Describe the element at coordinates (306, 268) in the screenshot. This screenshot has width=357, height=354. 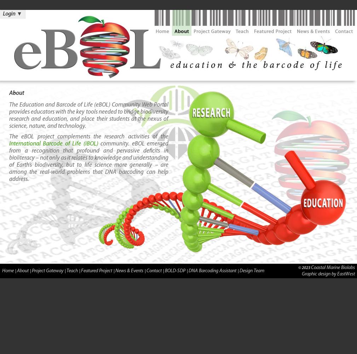
I see `'2023'` at that location.